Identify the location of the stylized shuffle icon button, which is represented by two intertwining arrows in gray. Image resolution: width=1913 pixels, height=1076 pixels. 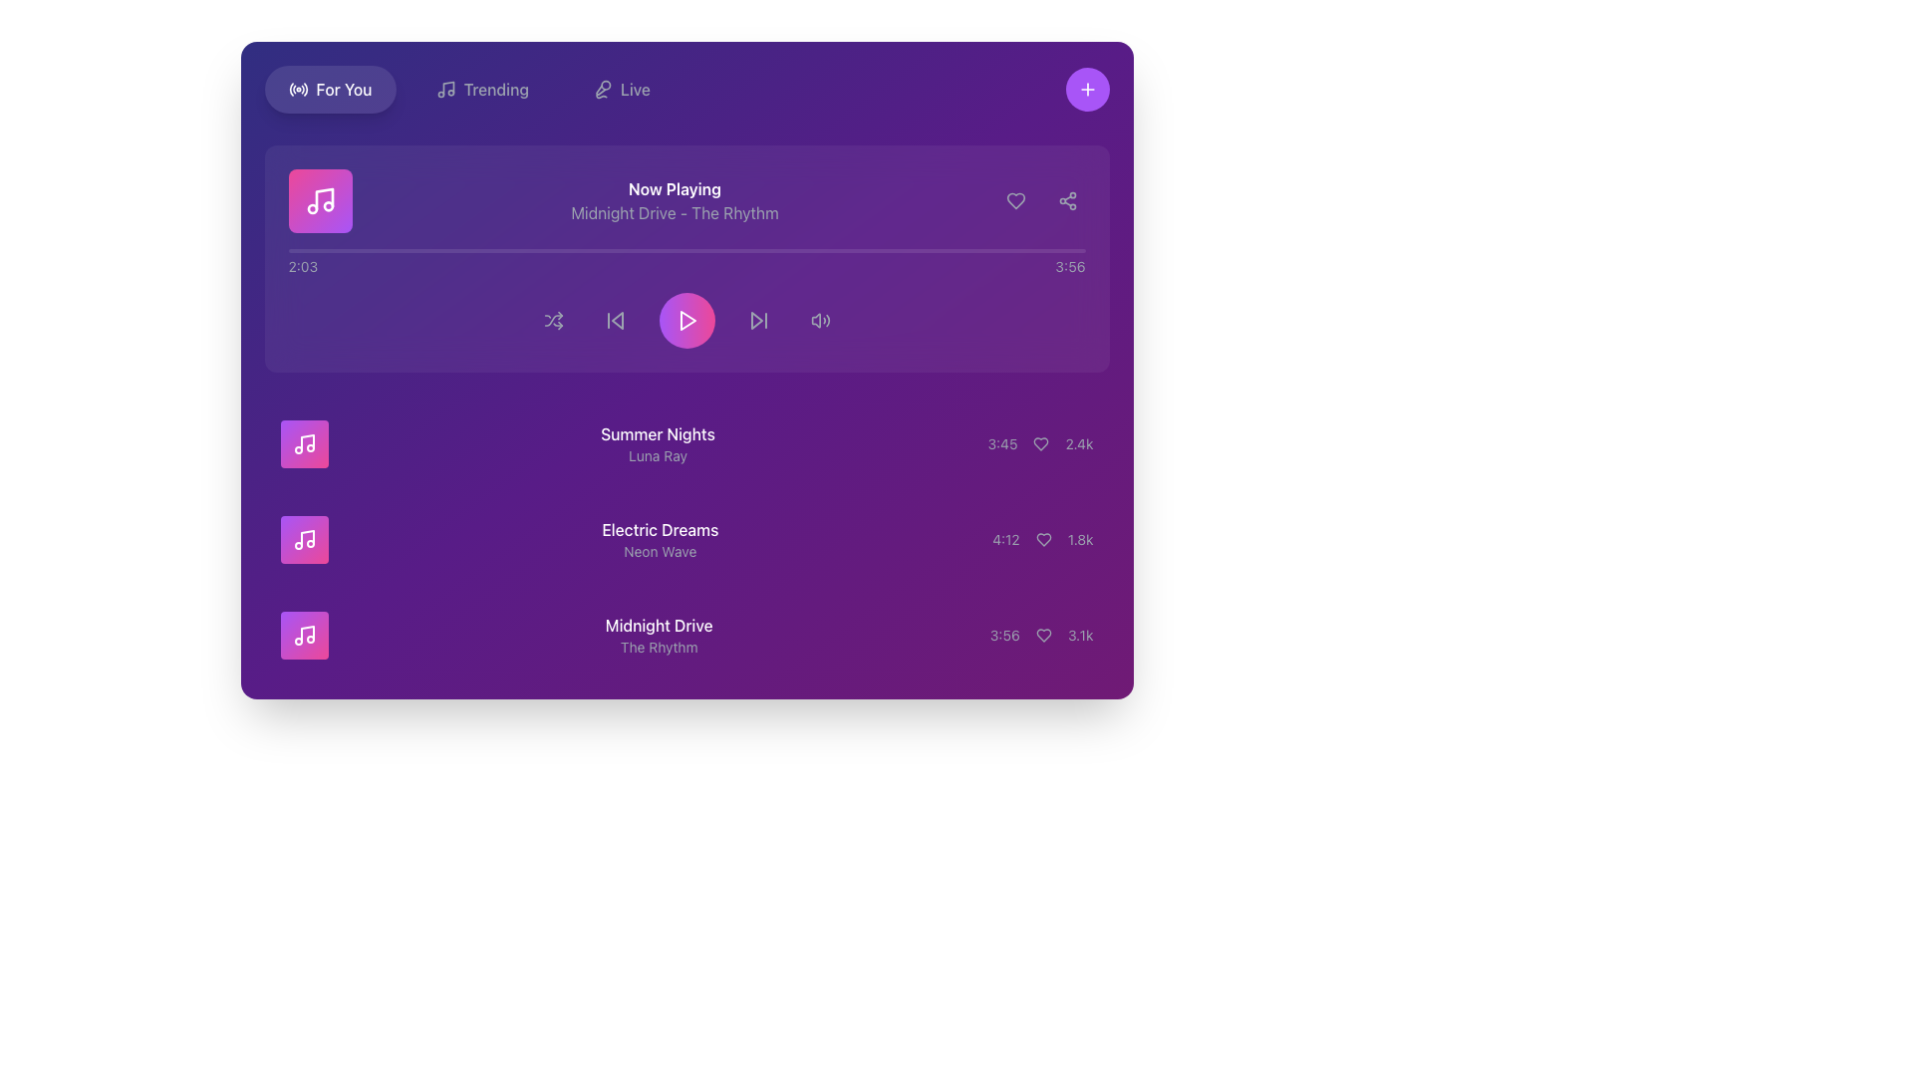
(553, 319).